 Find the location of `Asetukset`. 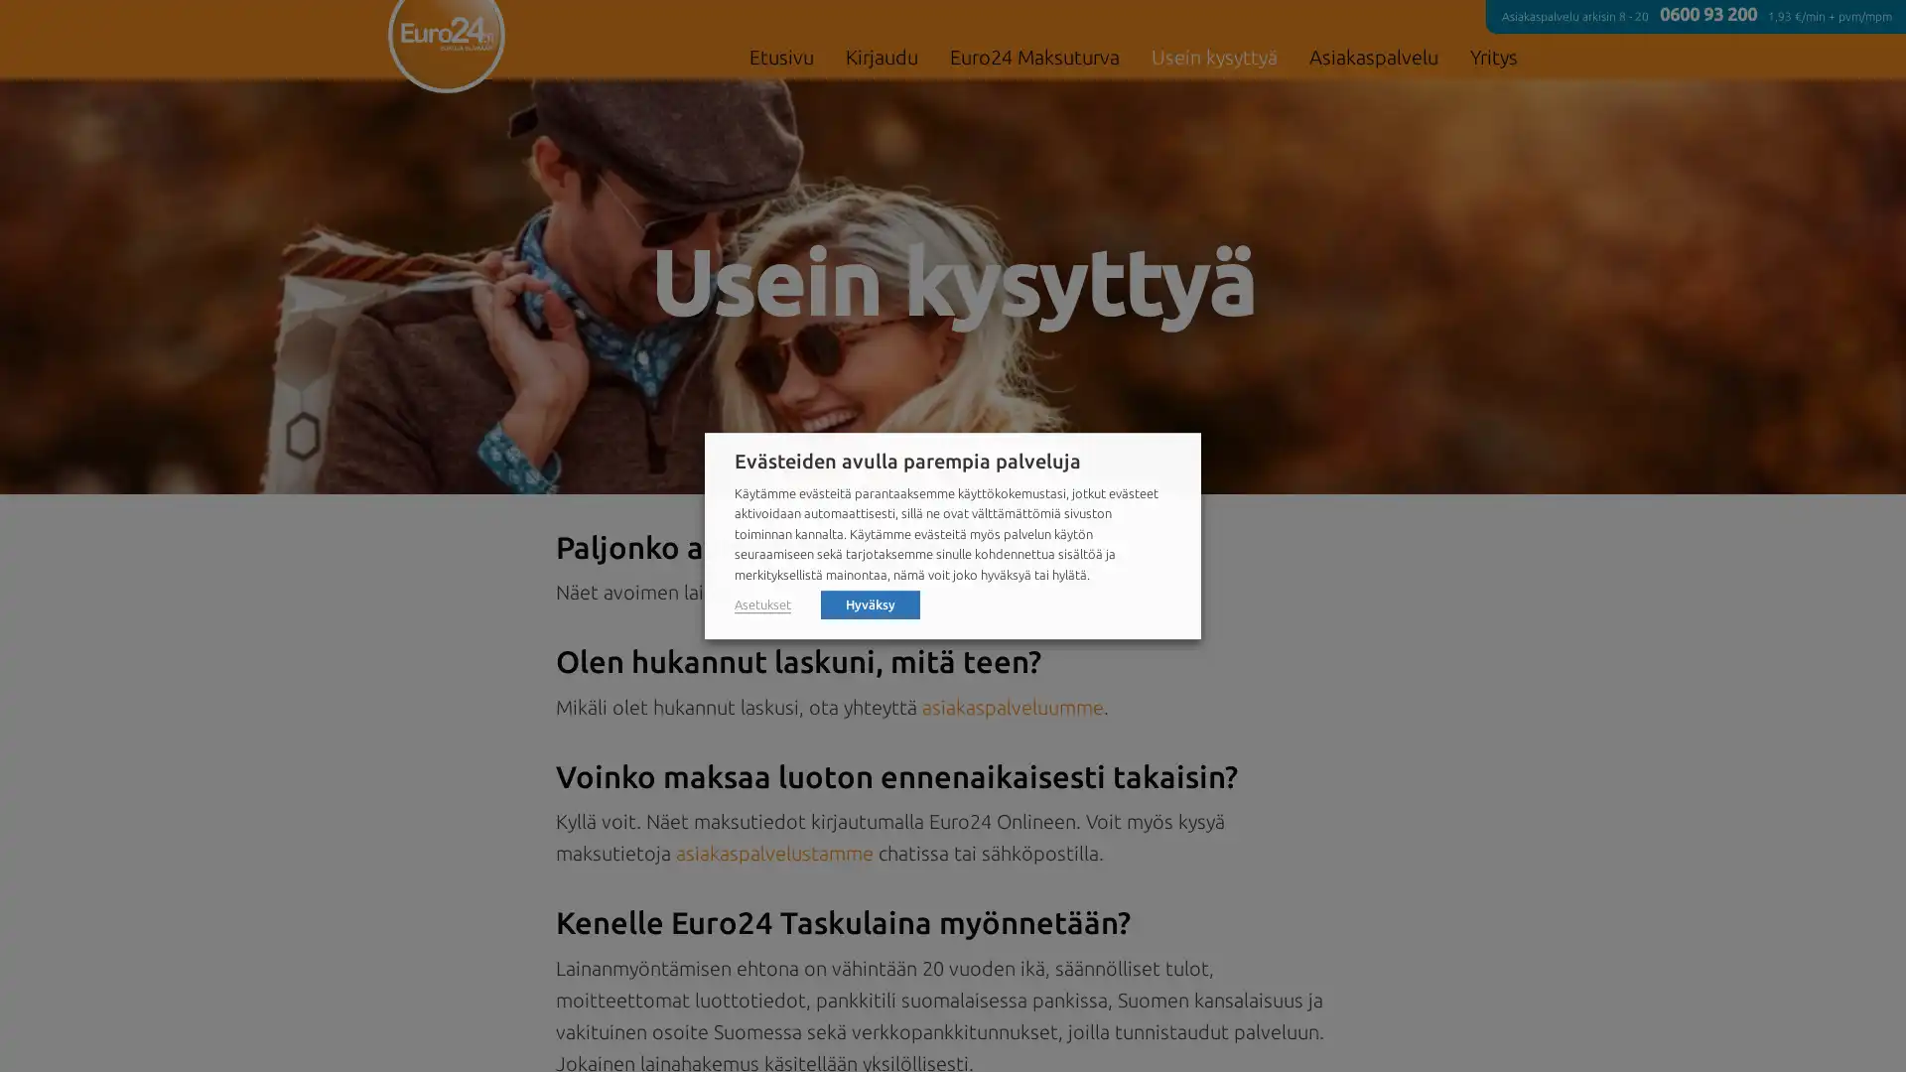

Asetukset is located at coordinates (761, 603).